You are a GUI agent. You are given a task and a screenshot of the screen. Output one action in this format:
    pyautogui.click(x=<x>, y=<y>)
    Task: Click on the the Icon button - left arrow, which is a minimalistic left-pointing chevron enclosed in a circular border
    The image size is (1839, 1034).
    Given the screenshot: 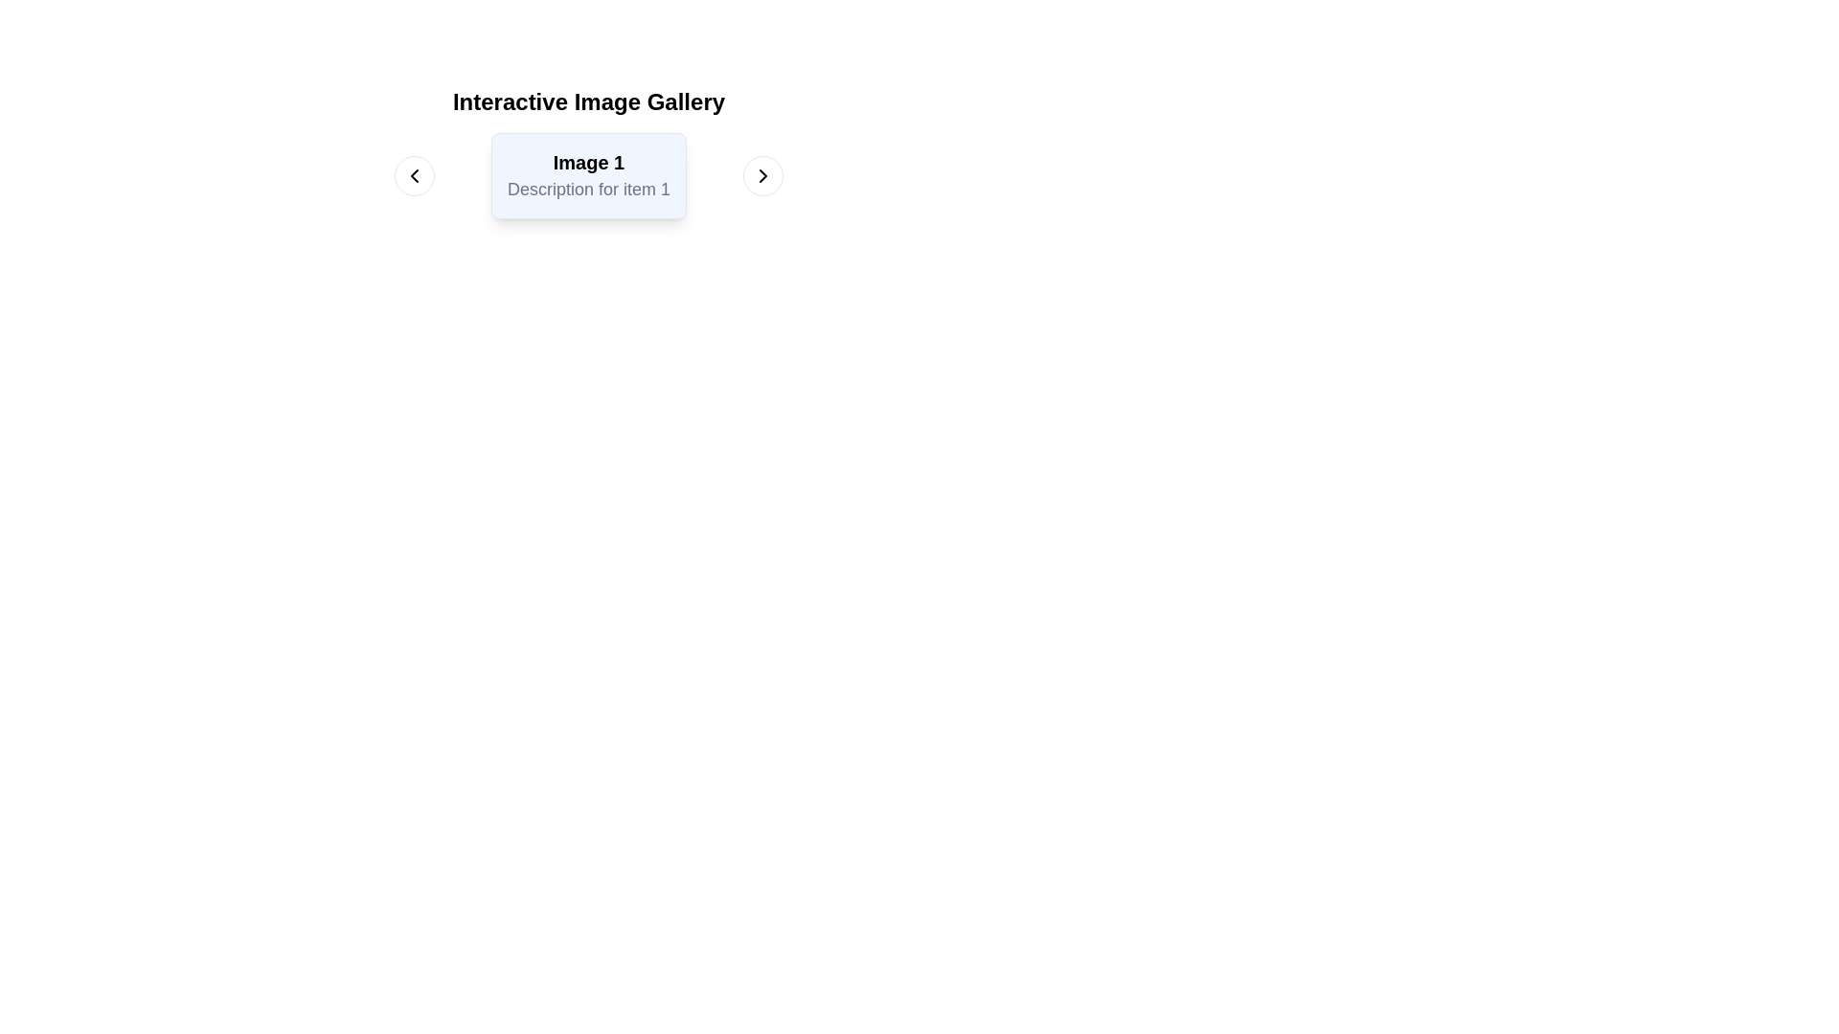 What is the action you would take?
    pyautogui.click(x=413, y=176)
    